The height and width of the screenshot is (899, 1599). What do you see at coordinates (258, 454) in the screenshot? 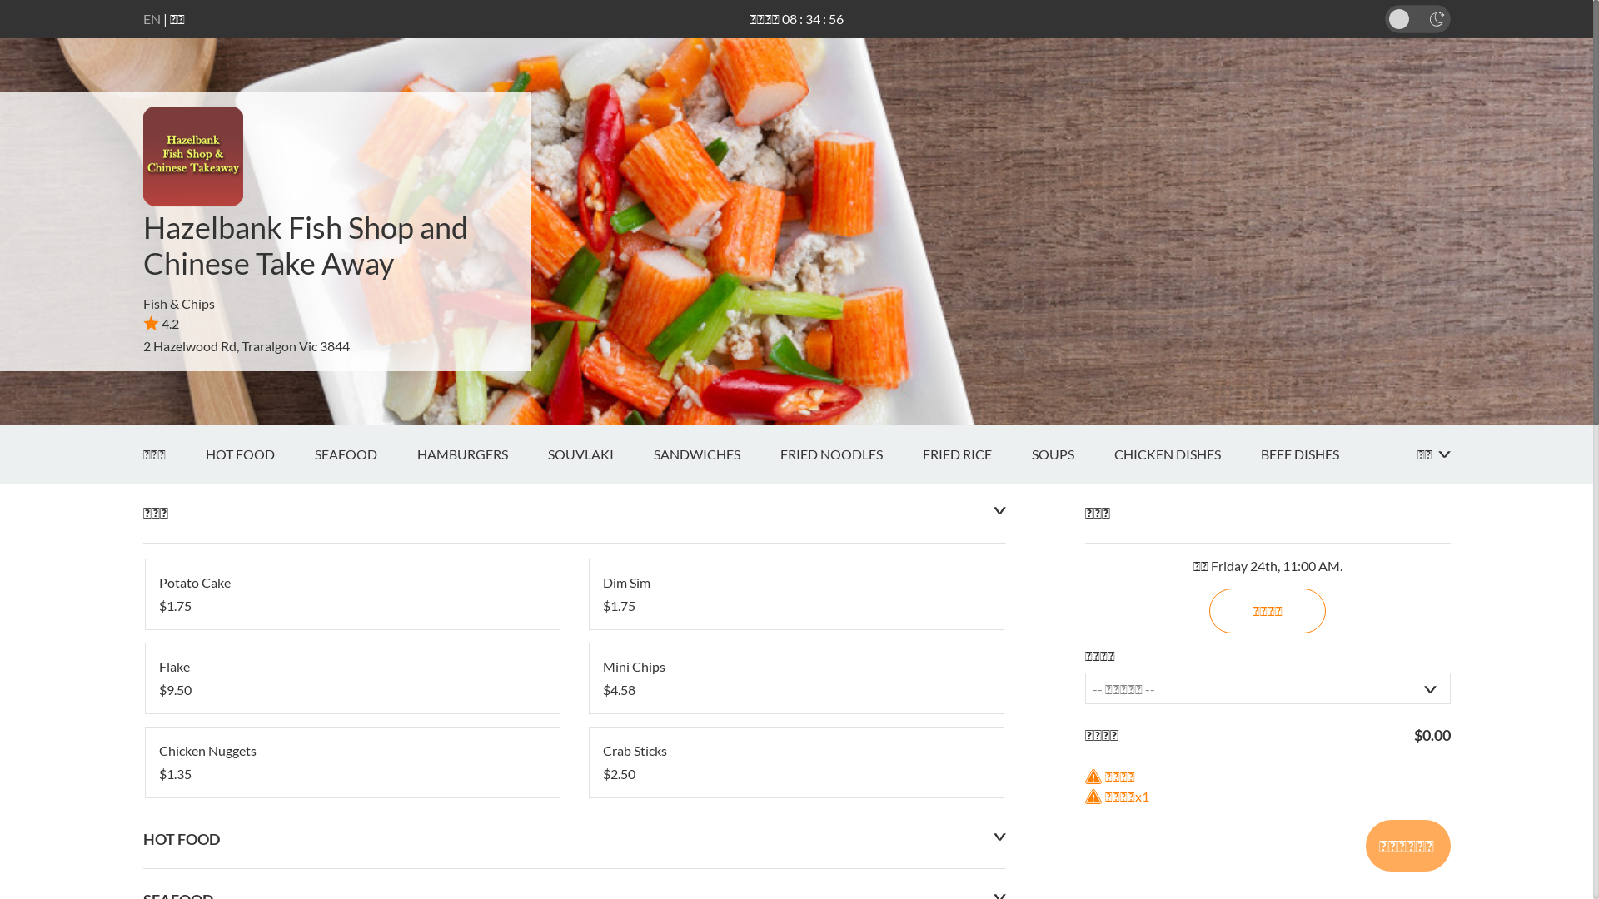
I see `'HOT FOOD'` at bounding box center [258, 454].